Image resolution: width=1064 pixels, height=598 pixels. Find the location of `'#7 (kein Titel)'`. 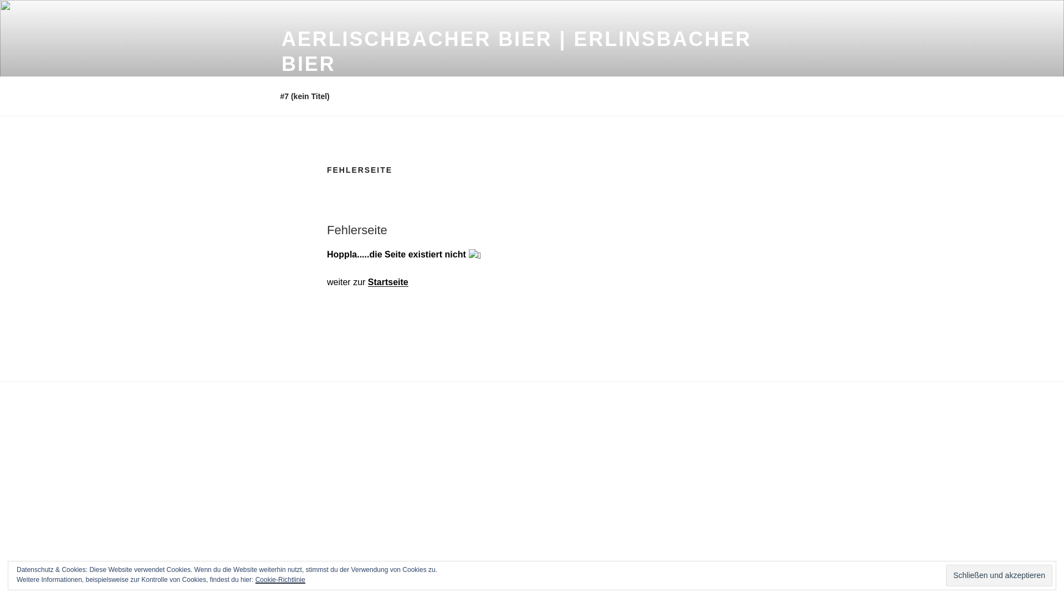

'#7 (kein Titel)' is located at coordinates (305, 96).